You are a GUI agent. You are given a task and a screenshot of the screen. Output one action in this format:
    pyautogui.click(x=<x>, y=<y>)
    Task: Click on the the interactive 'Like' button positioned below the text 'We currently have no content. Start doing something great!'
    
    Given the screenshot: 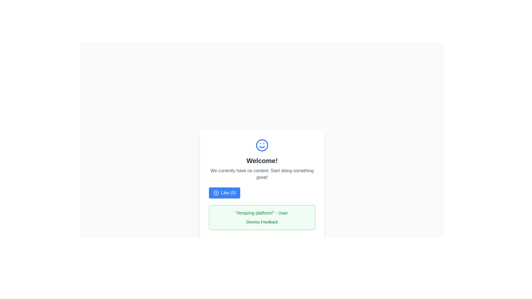 What is the action you would take?
    pyautogui.click(x=224, y=193)
    